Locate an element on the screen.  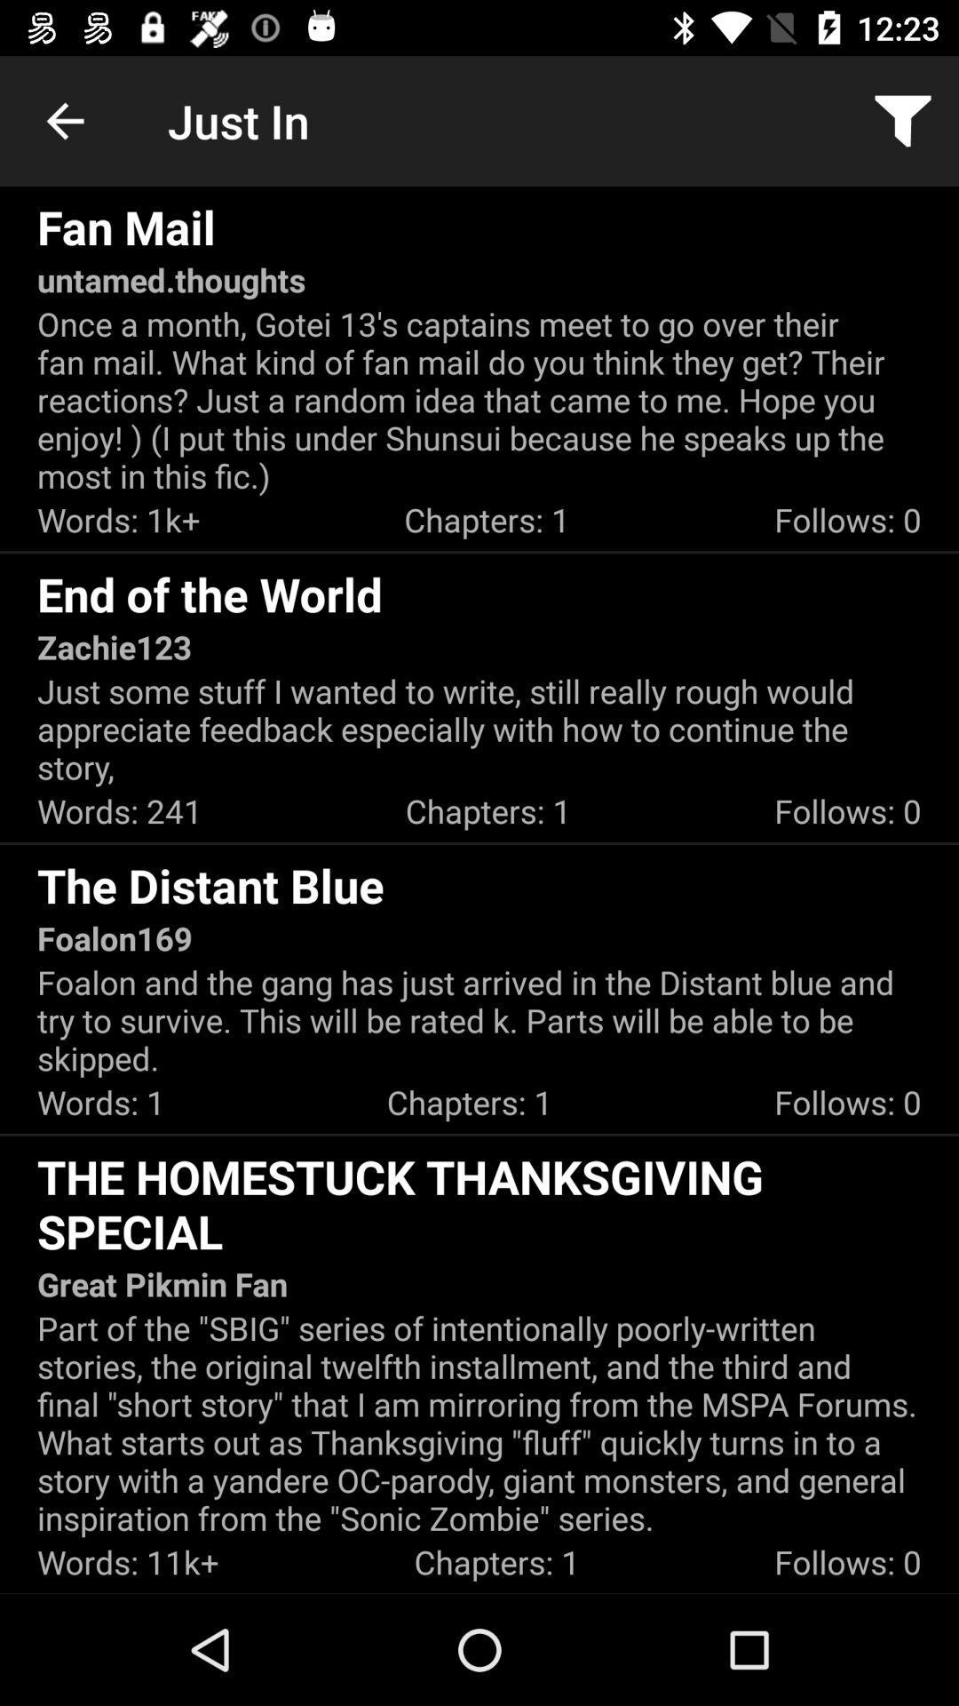
once a month item is located at coordinates (479, 399).